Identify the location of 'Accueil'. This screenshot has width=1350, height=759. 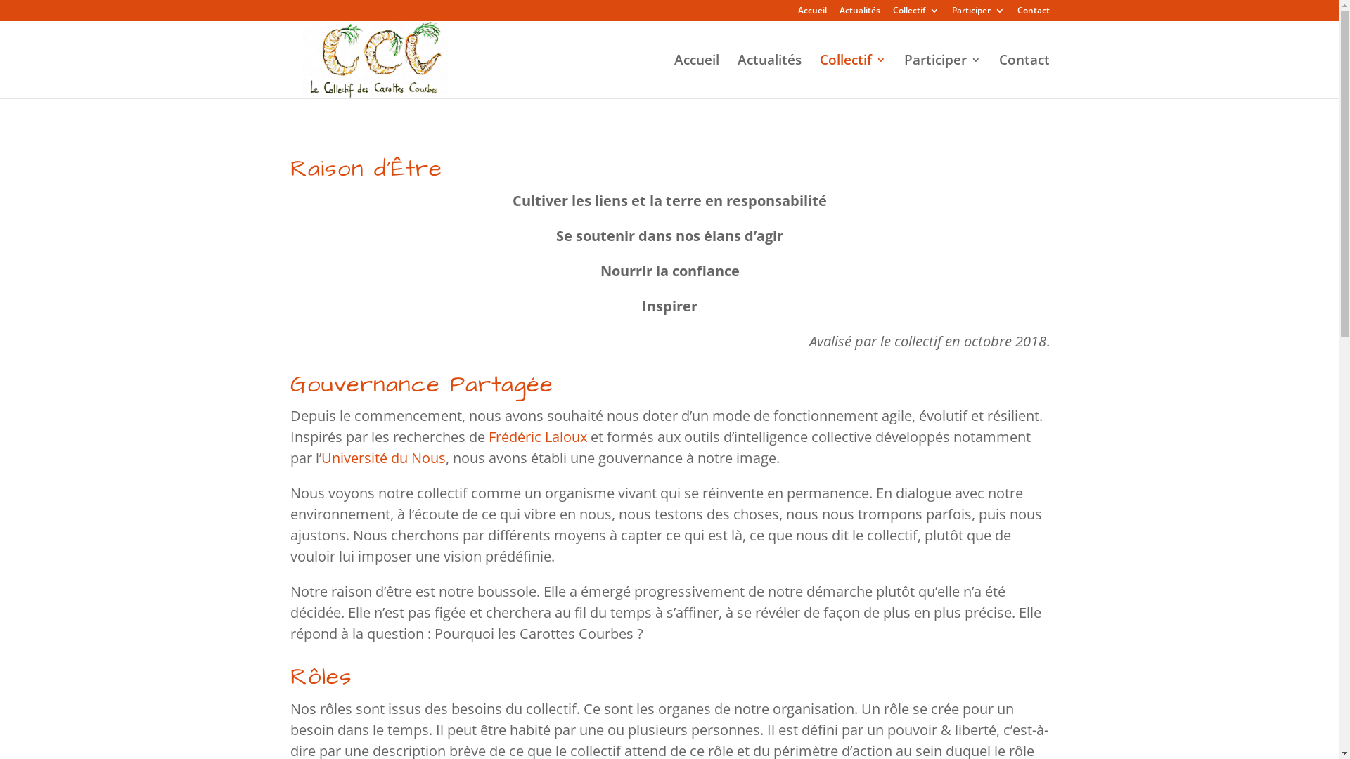
(695, 76).